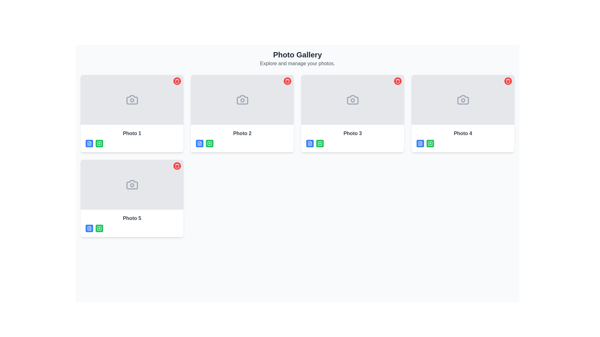 This screenshot has height=337, width=600. Describe the element at coordinates (89, 228) in the screenshot. I see `the Icon button located in the lower-right section of the 'Photo 5' card in the photo gallery, which is part of a horizontal arrangement of action icons below the photo thumbnail` at that location.